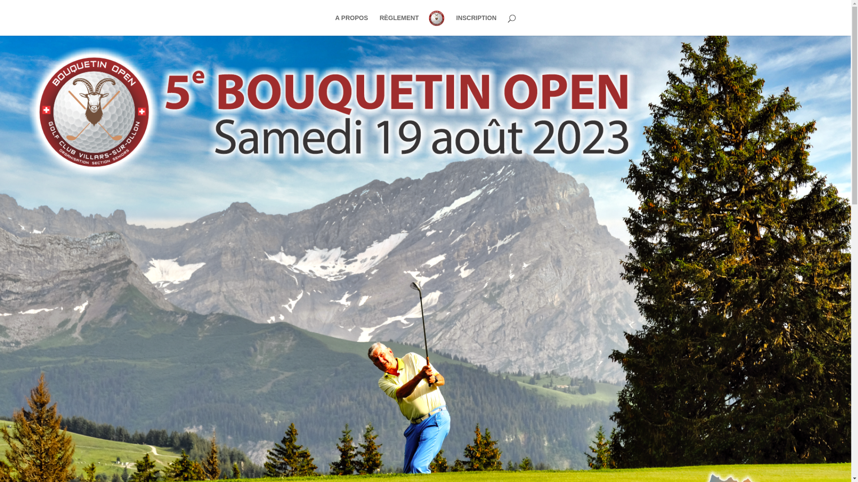 This screenshot has height=482, width=858. Describe the element at coordinates (456, 25) in the screenshot. I see `'INSCRIPTION'` at that location.